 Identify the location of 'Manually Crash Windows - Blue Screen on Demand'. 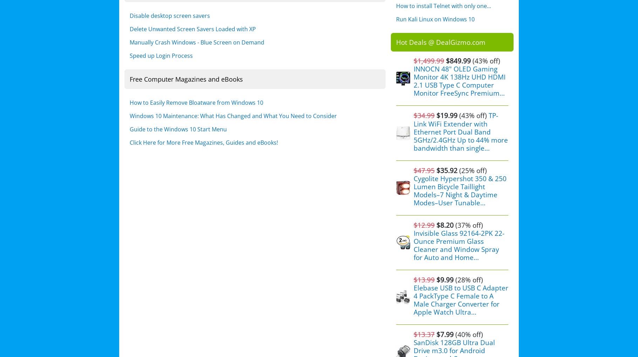
(197, 42).